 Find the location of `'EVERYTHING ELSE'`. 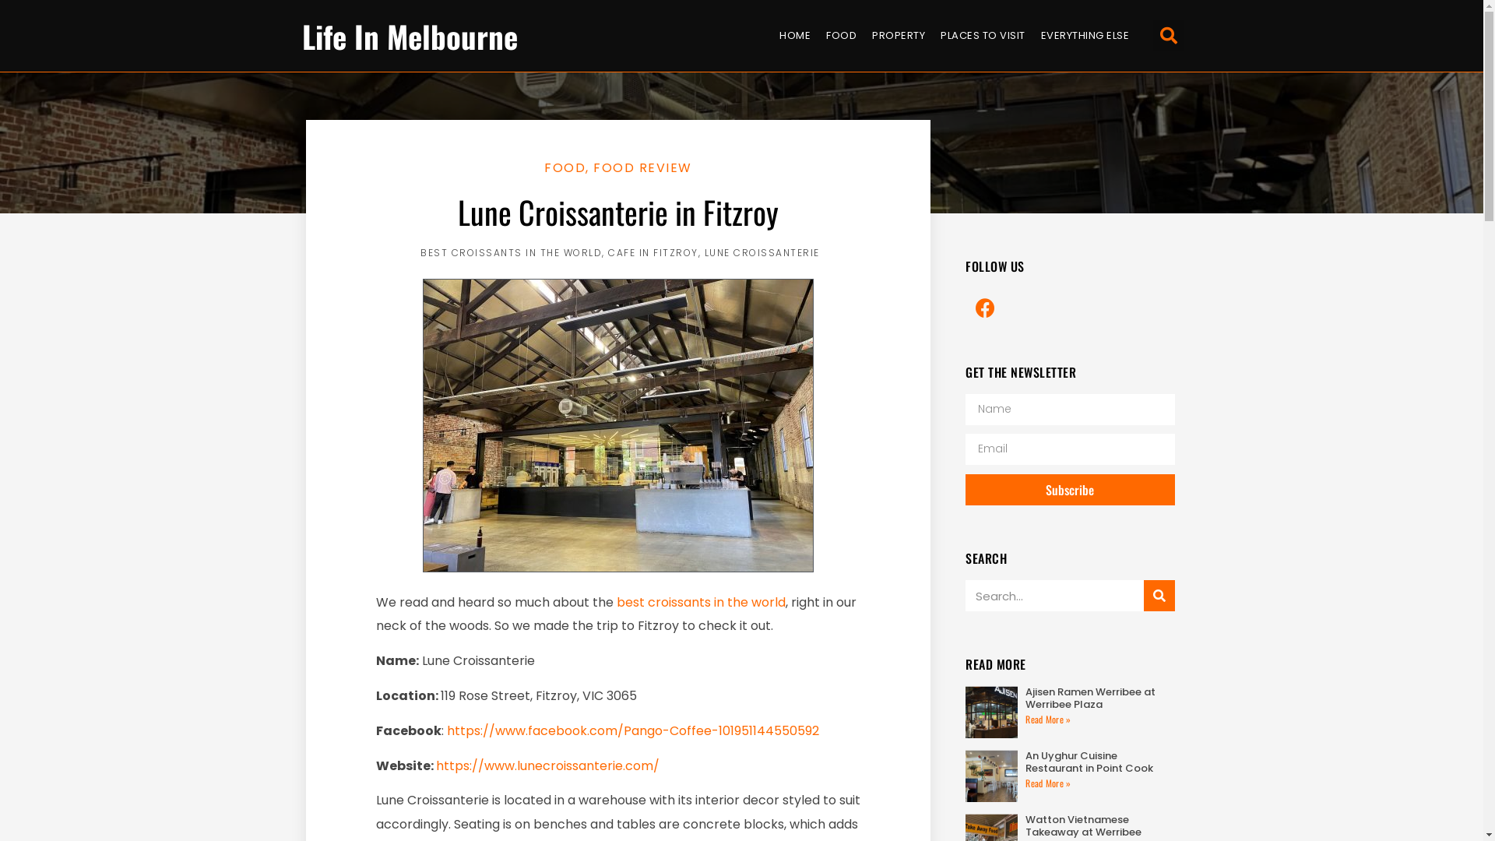

'EVERYTHING ELSE' is located at coordinates (1084, 35).